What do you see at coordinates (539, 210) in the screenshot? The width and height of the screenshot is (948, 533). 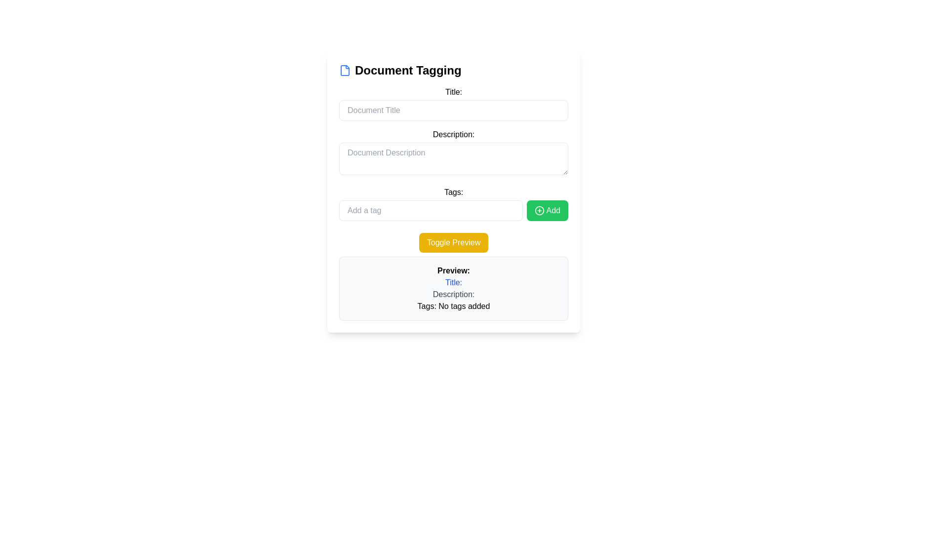 I see `the 'Add' button, which contains the tag icon positioned to the left of the text label 'Add'` at bounding box center [539, 210].